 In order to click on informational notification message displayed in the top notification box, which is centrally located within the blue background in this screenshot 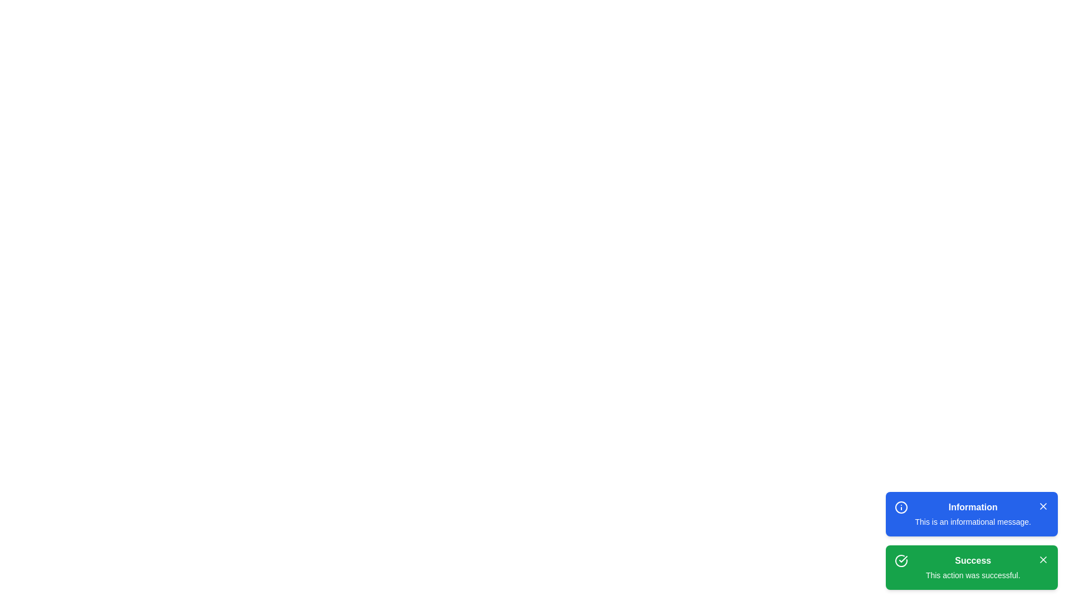, I will do `click(972, 514)`.